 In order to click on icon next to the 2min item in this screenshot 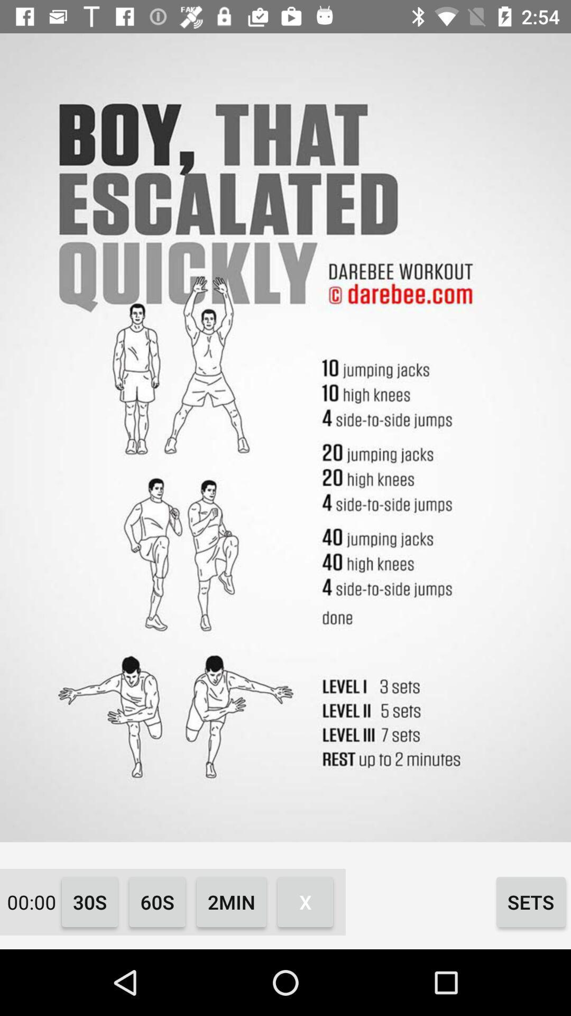, I will do `click(157, 901)`.